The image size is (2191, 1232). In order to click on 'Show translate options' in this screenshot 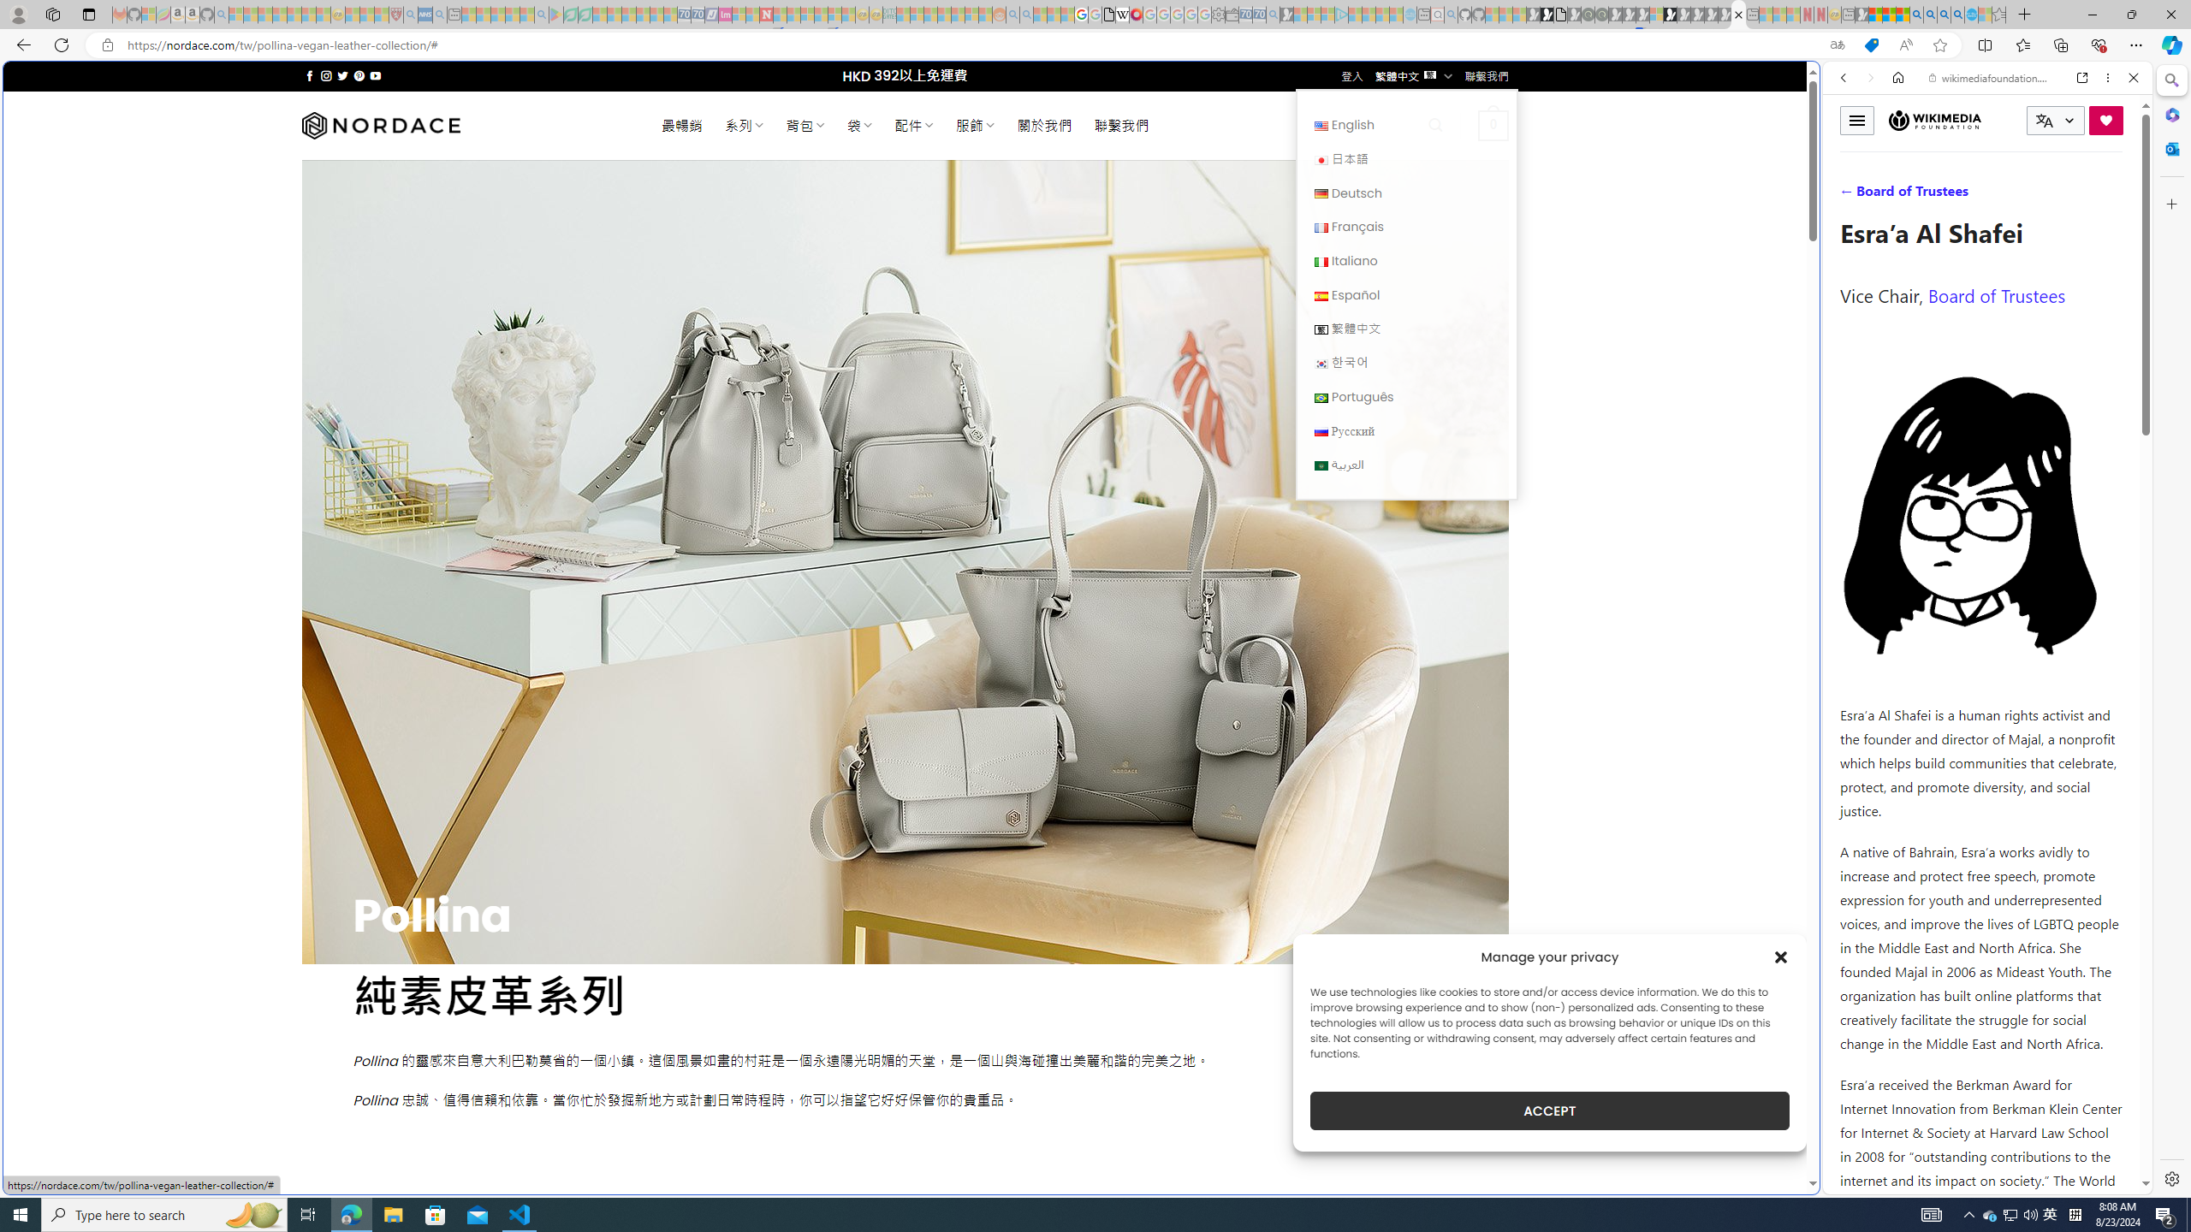, I will do `click(1836, 45)`.